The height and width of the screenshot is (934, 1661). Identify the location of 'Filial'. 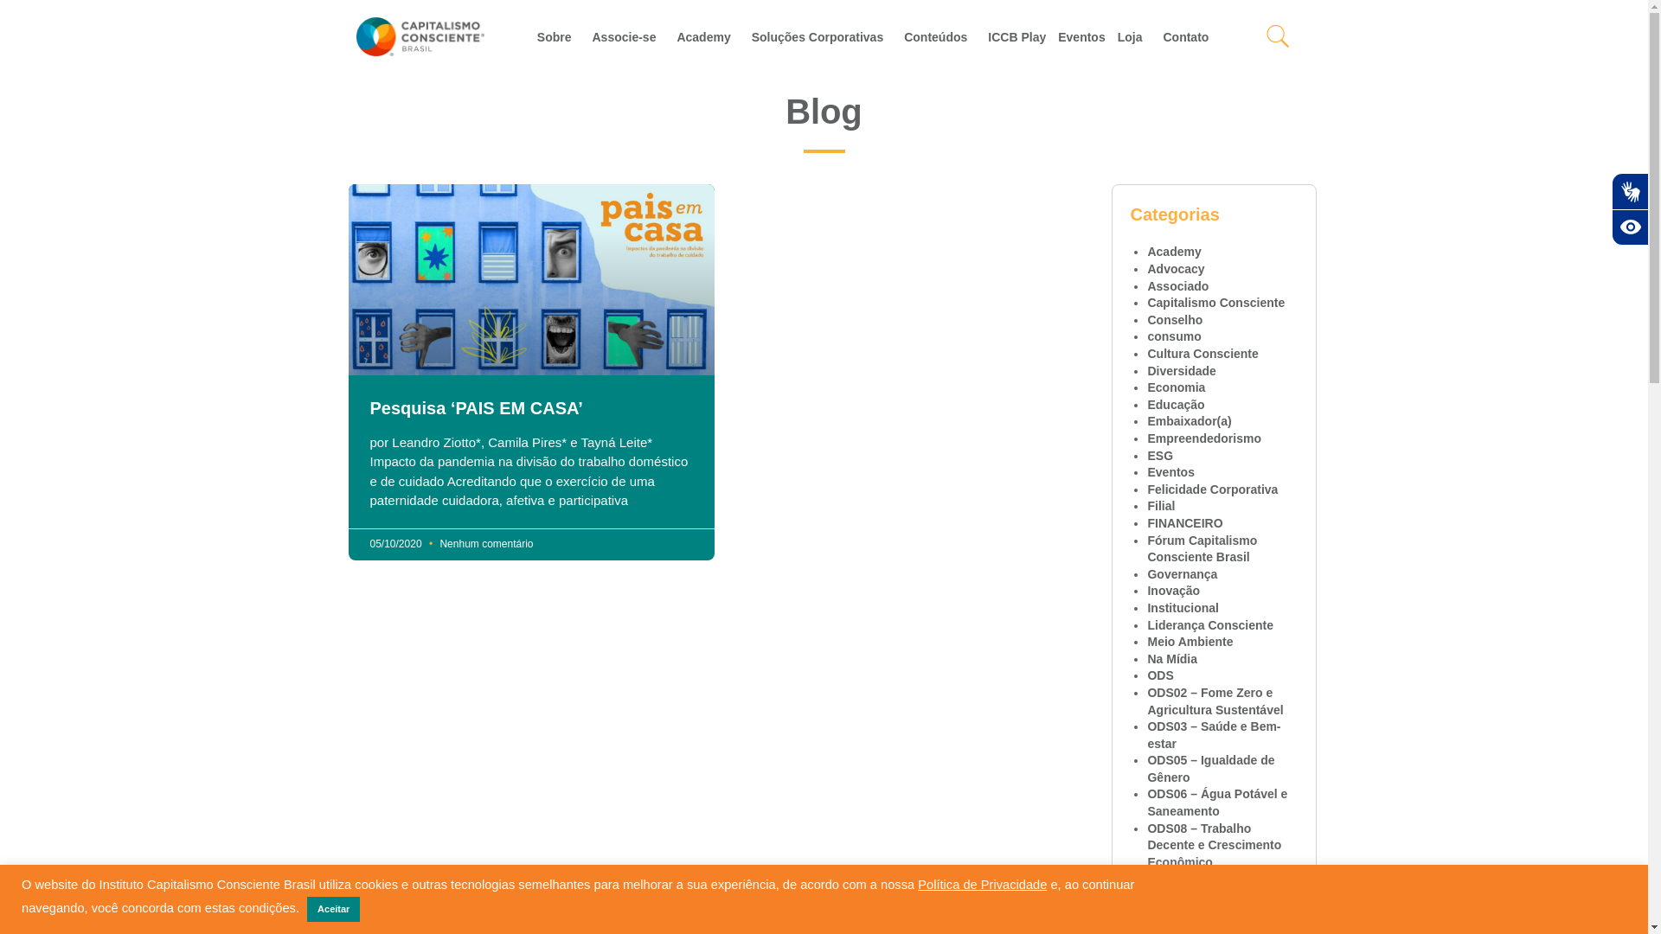
(1161, 506).